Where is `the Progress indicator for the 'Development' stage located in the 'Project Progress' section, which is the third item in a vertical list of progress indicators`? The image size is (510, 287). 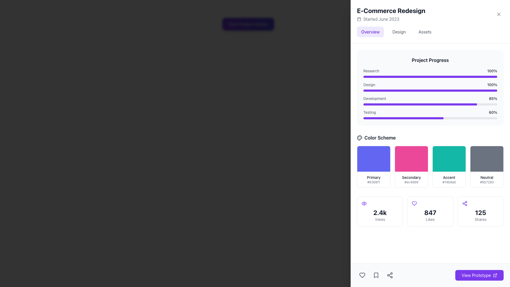 the Progress indicator for the 'Development' stage located in the 'Project Progress' section, which is the third item in a vertical list of progress indicators is located at coordinates (430, 100).